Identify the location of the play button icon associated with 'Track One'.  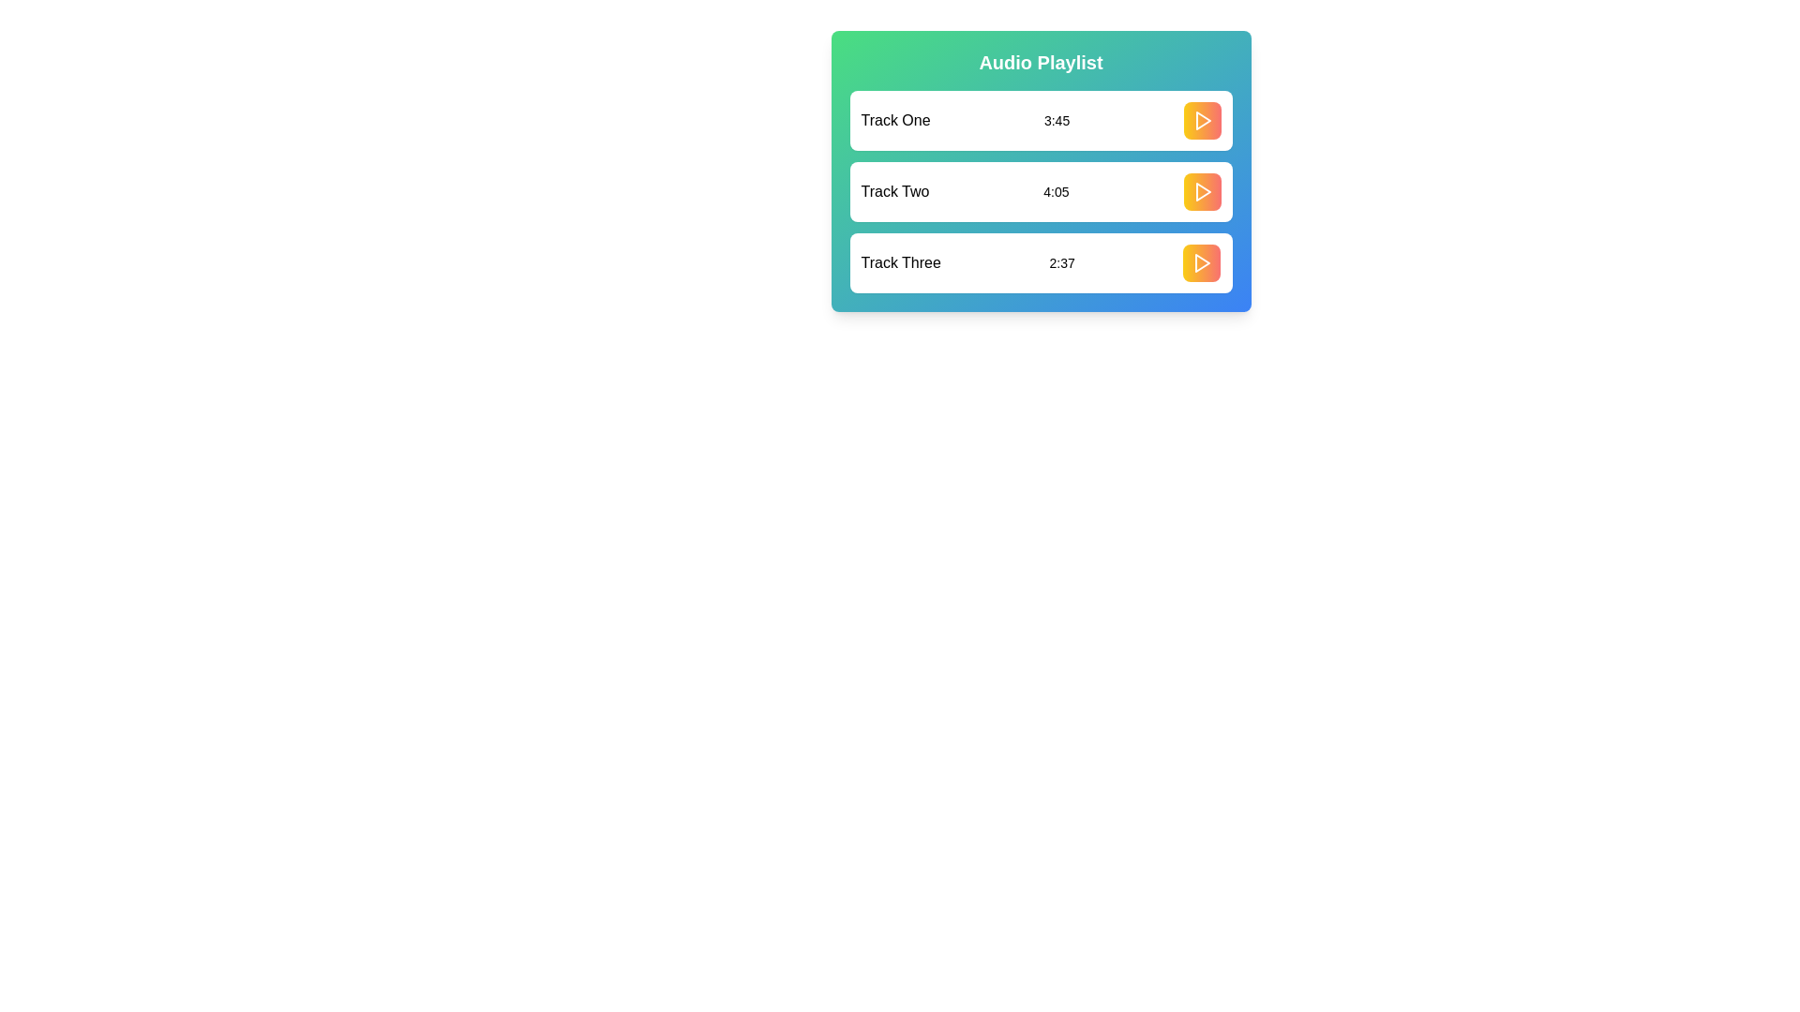
(1203, 120).